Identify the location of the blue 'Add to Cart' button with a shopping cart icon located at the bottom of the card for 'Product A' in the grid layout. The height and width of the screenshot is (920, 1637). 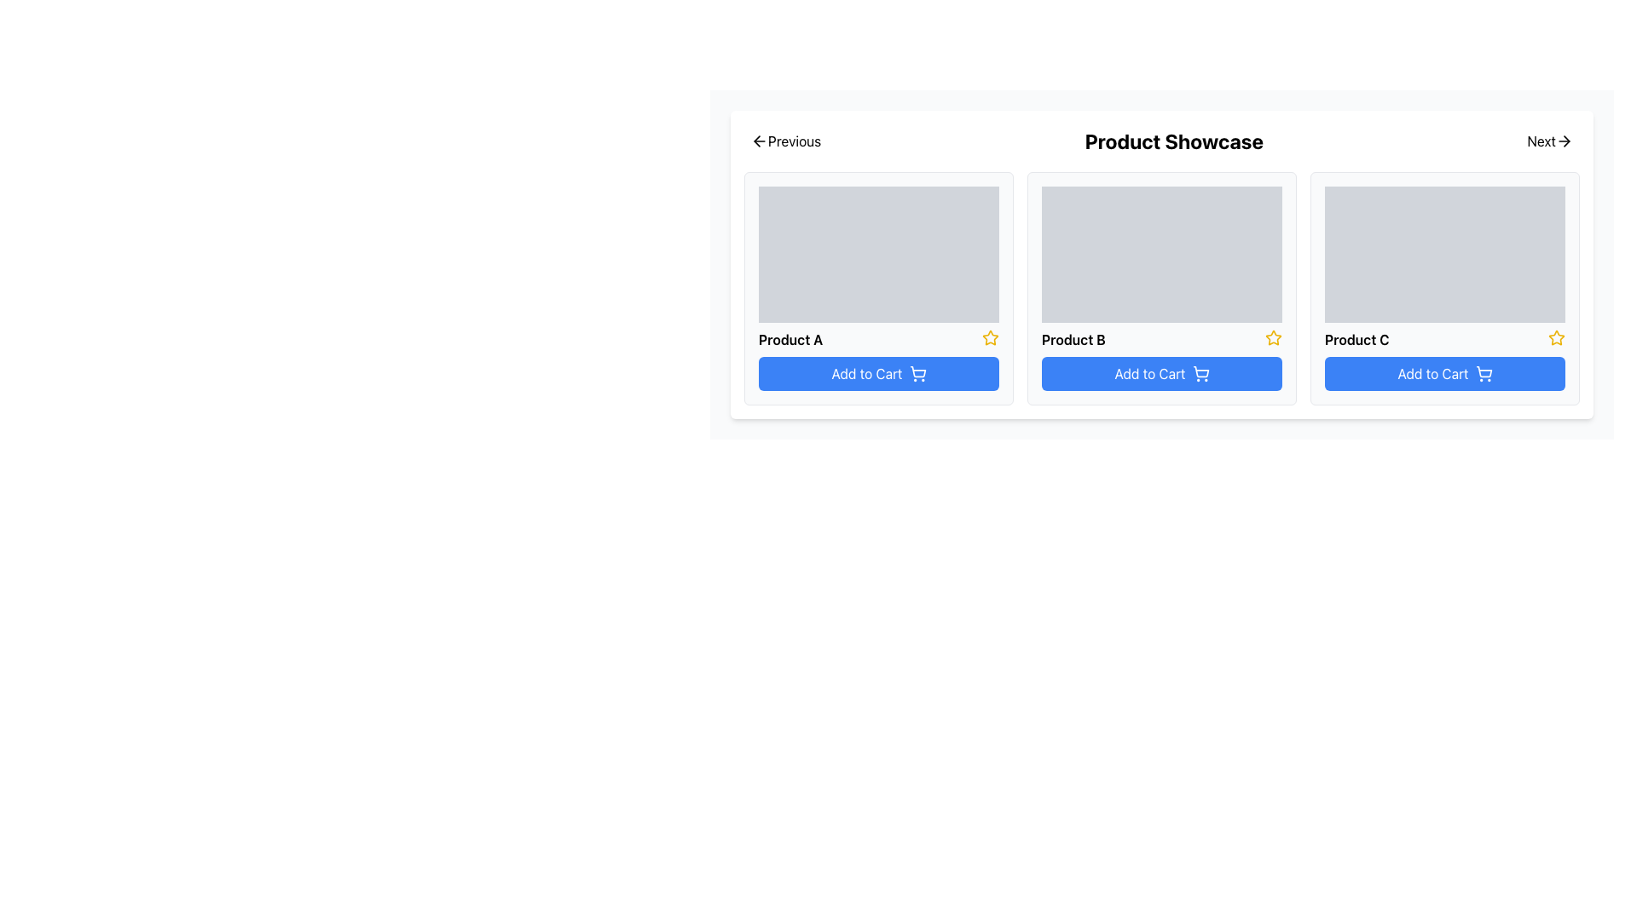
(879, 373).